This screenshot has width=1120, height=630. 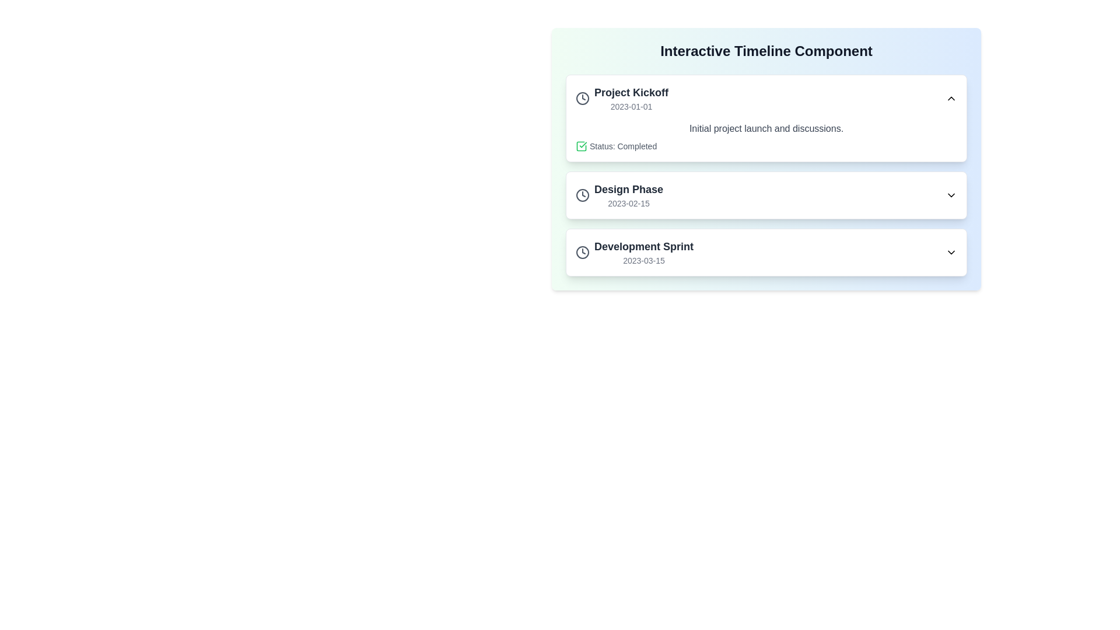 I want to click on the clock icon within the 'Project Kickoff' row of the timeline component, which features a minimalistic design with a gray color scheme and a dark stroke, so click(x=582, y=98).